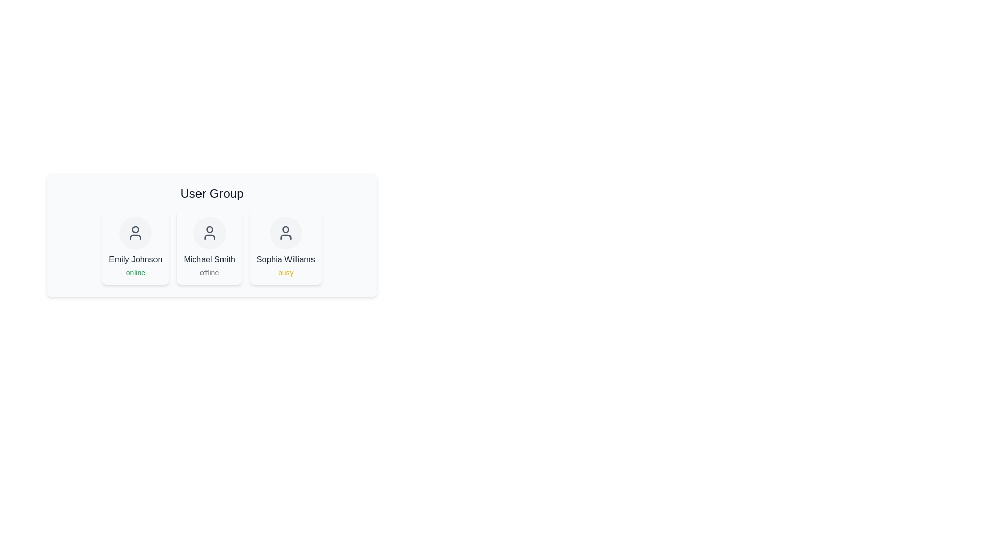 This screenshot has width=982, height=552. I want to click on the Decorative Circle within the user profile icon for Michael Smith, which is labeled 'offline', so click(209, 229).